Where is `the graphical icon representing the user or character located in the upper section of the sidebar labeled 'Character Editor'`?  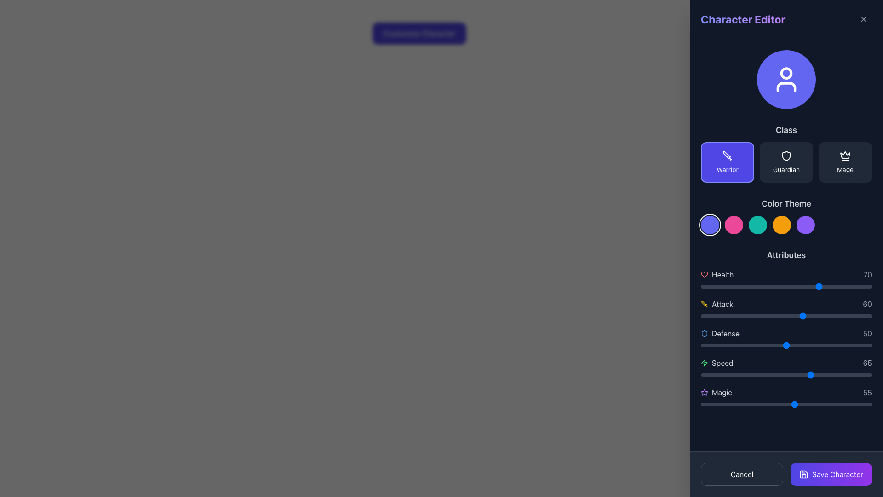
the graphical icon representing the user or character located in the upper section of the sidebar labeled 'Character Editor' is located at coordinates (786, 79).